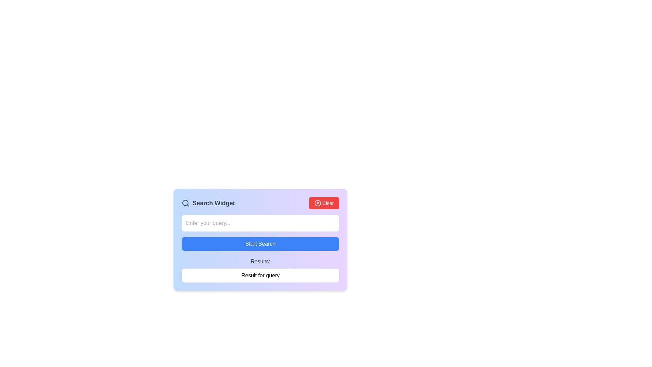 This screenshot has width=652, height=367. I want to click on the text input box located beneath the 'Search Widget' title and beside the red 'Clear' button to observe any hover effects, so click(260, 223).